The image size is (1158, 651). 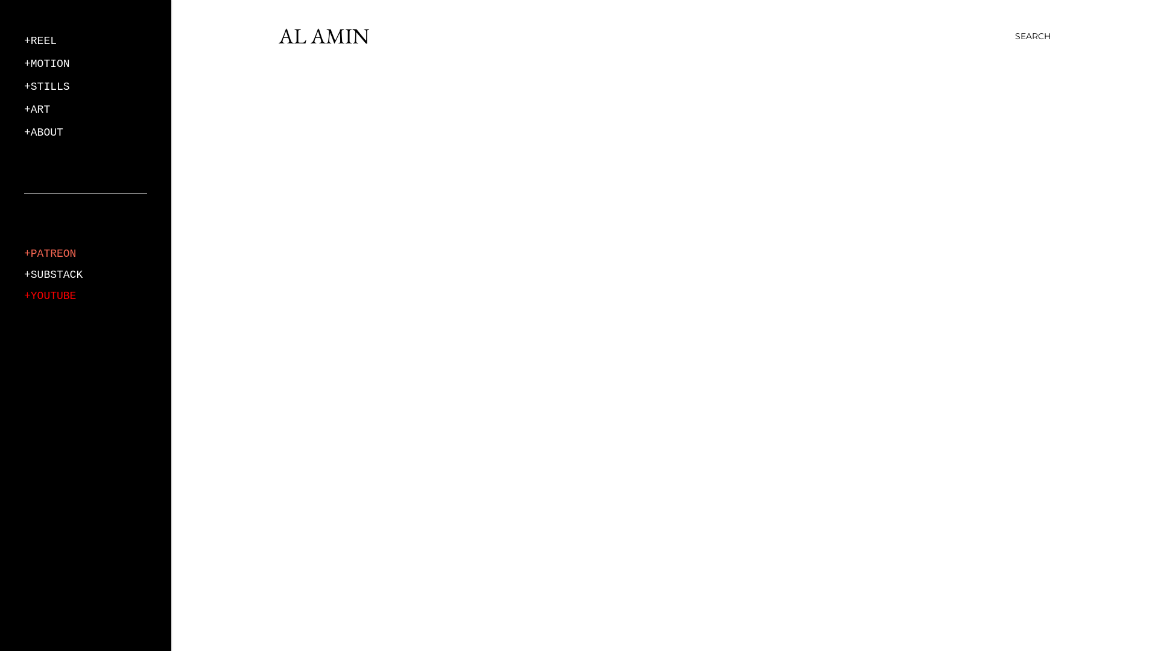 What do you see at coordinates (49, 295) in the screenshot?
I see `'+YOUTUBE'` at bounding box center [49, 295].